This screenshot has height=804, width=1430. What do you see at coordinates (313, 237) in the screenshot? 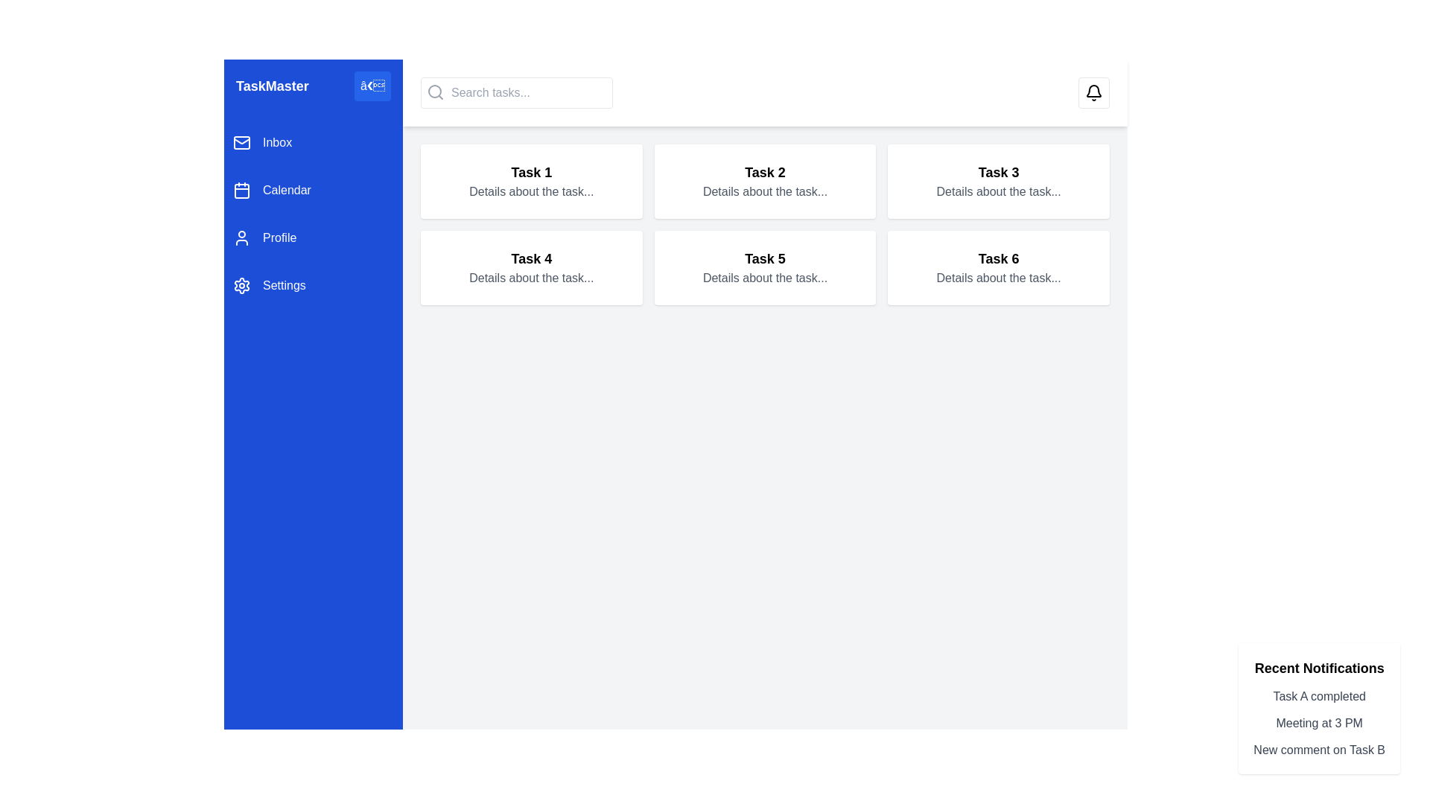
I see `the navigation button located in the left sidebar, which is the third button below the 'Calendar' button and above the 'Settings' button` at bounding box center [313, 237].